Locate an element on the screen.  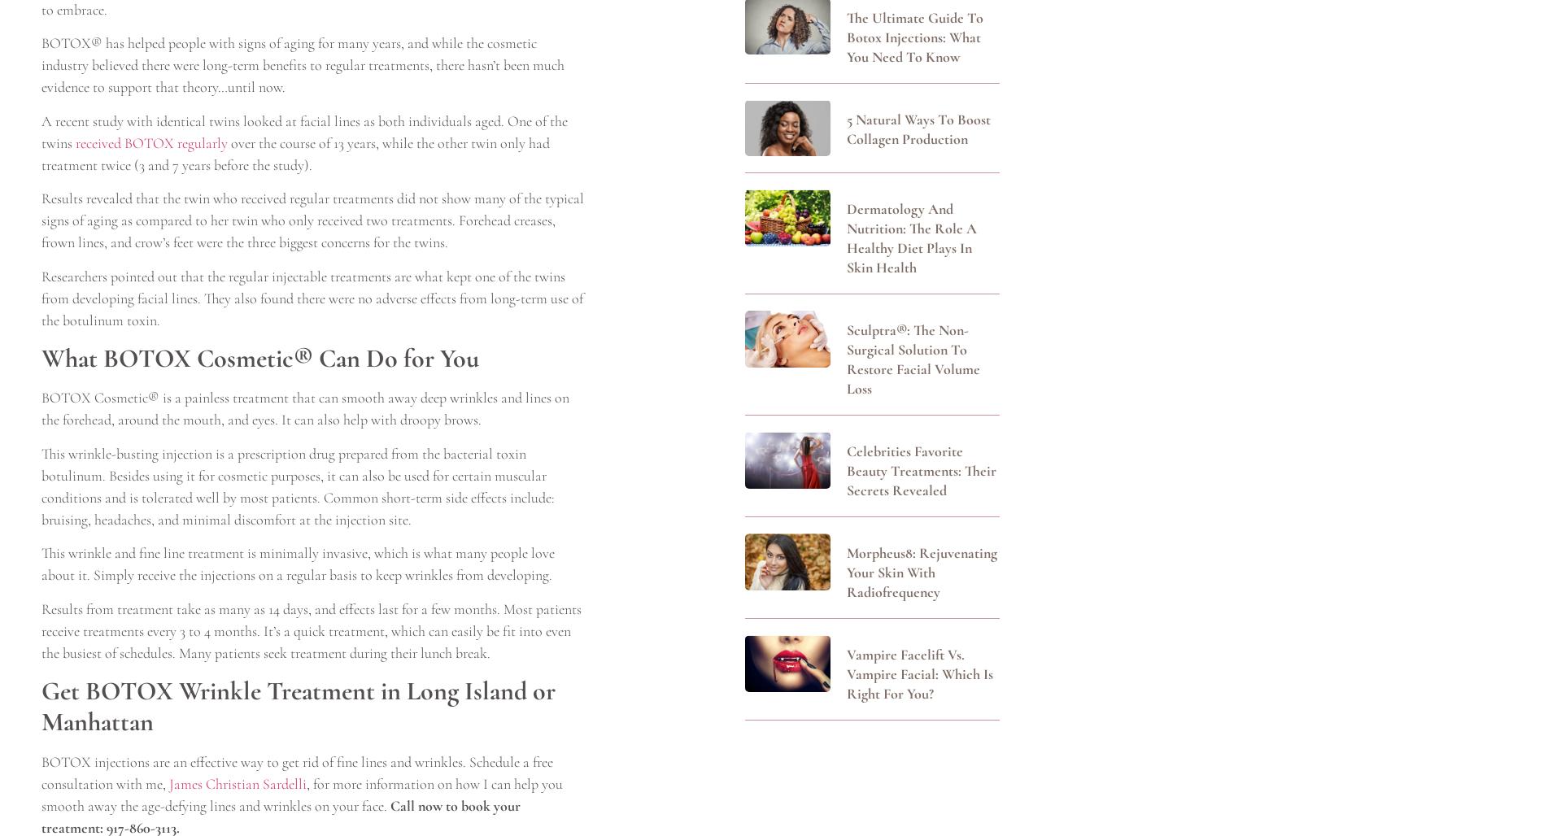
'BOTOX® has helped people with signs of aging for many years, and while the cosmetic industry believed there were long-term benefits to regular treatments, there hasn’t been much evidence to support that theory…until now.' is located at coordinates (303, 63).